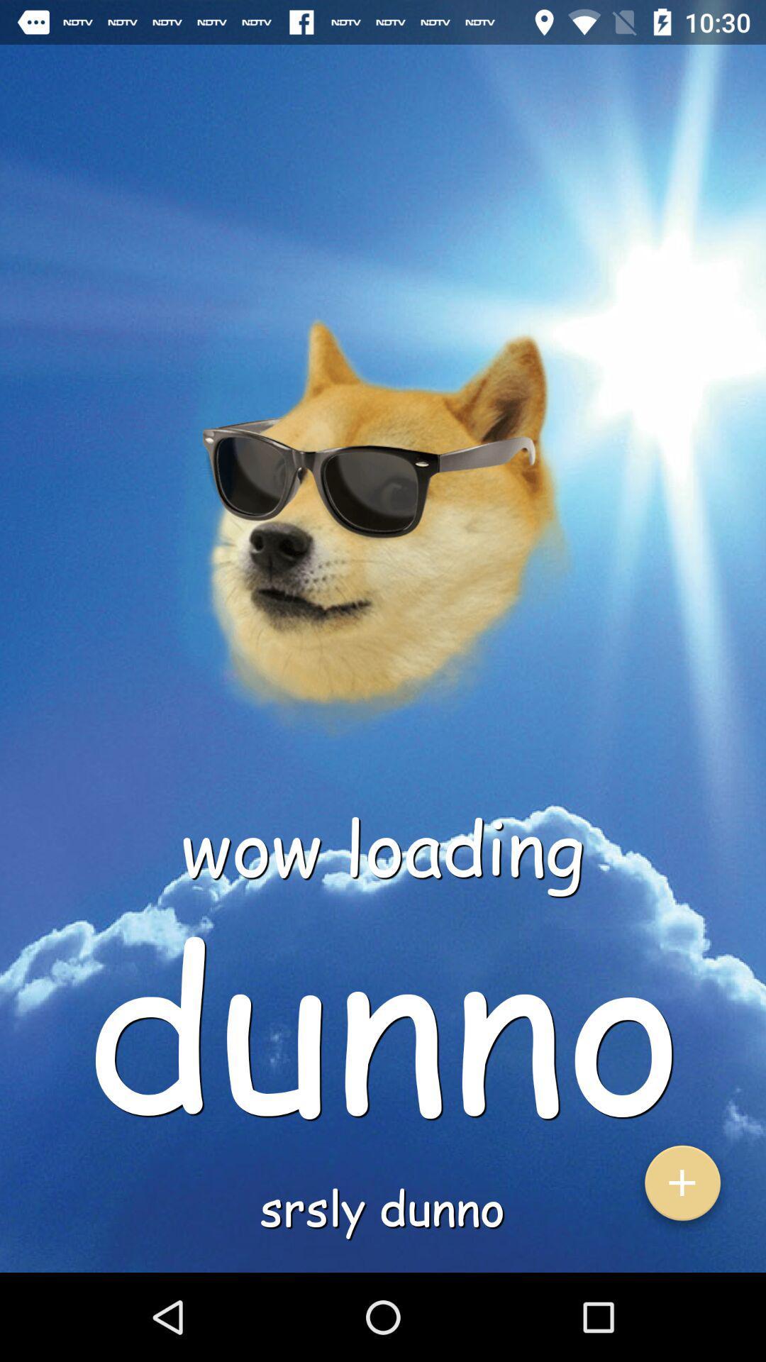  I want to click on the add icon, so click(682, 1188).